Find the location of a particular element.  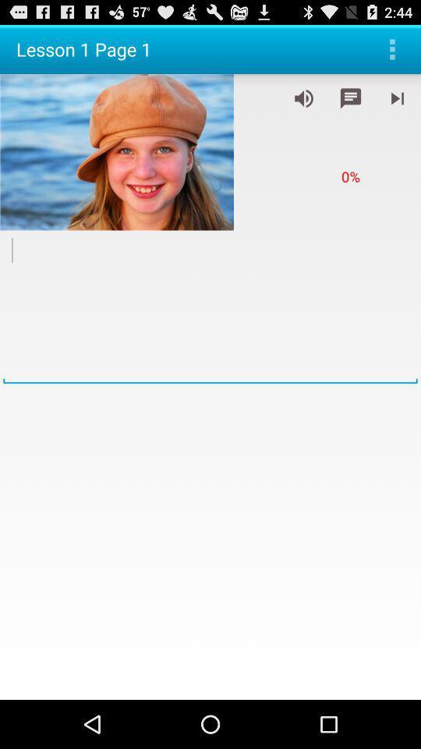

next page is located at coordinates (397, 98).